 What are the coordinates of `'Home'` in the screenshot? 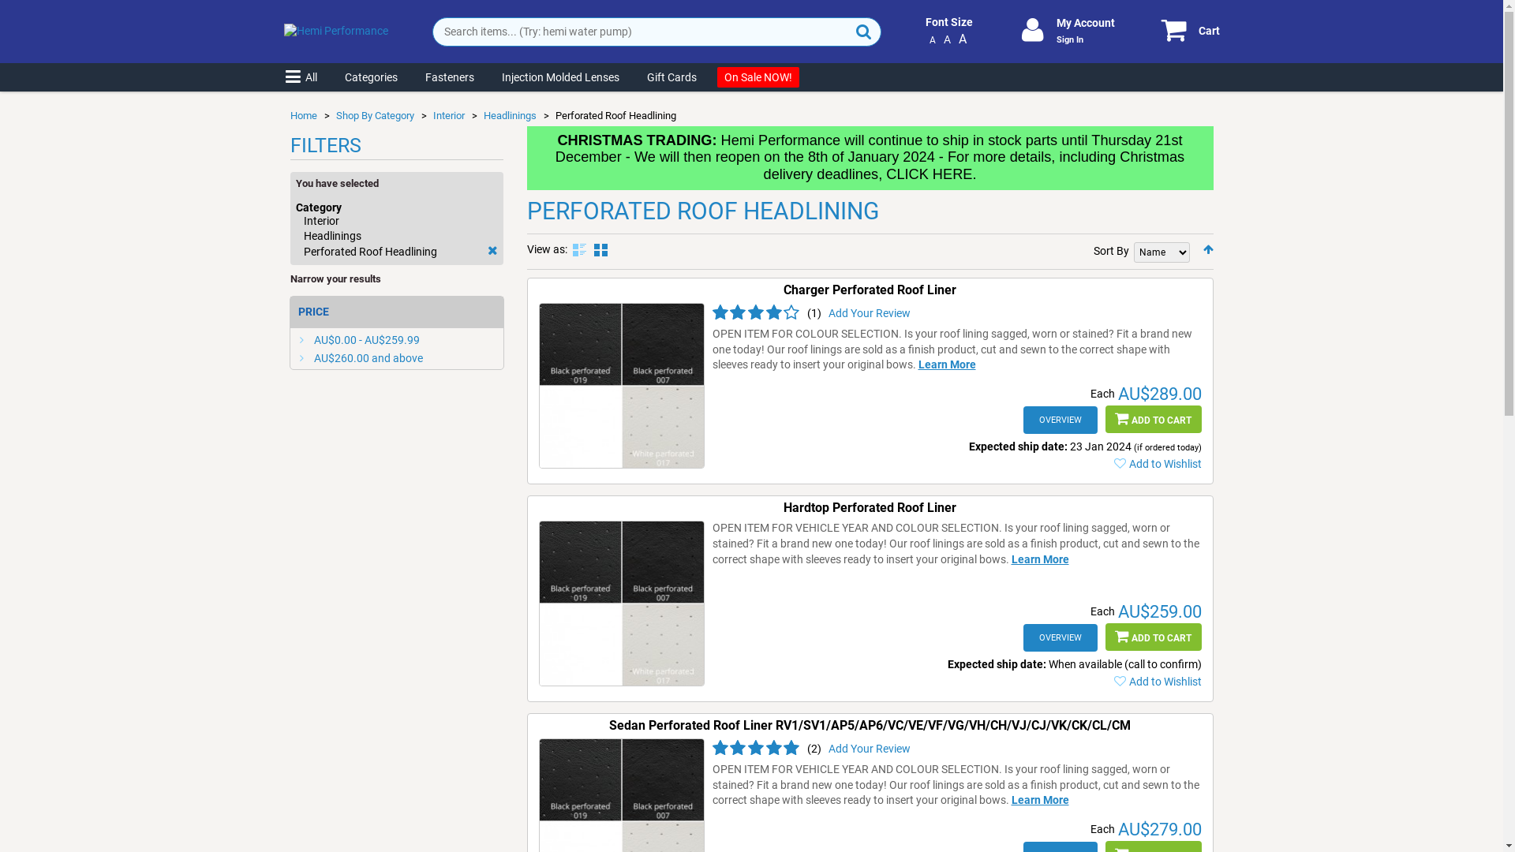 It's located at (303, 114).